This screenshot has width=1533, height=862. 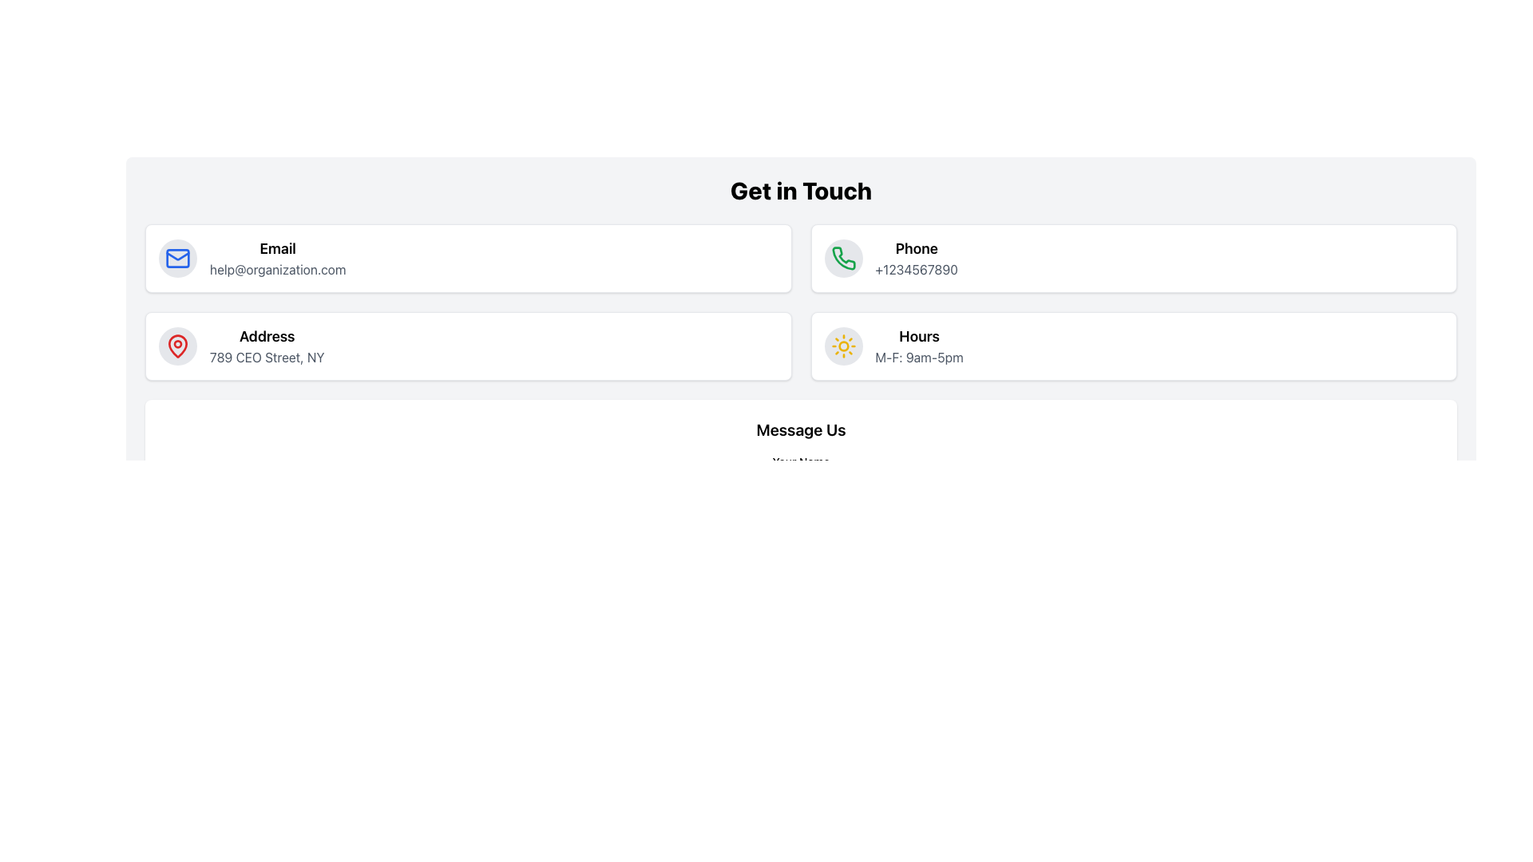 What do you see at coordinates (177, 258) in the screenshot?
I see `the Email Icon button located in the upper-left corner of the first informational card in the 'Get in Touch' section, adjacent to the text 'Email' and 'help@organization.com'` at bounding box center [177, 258].